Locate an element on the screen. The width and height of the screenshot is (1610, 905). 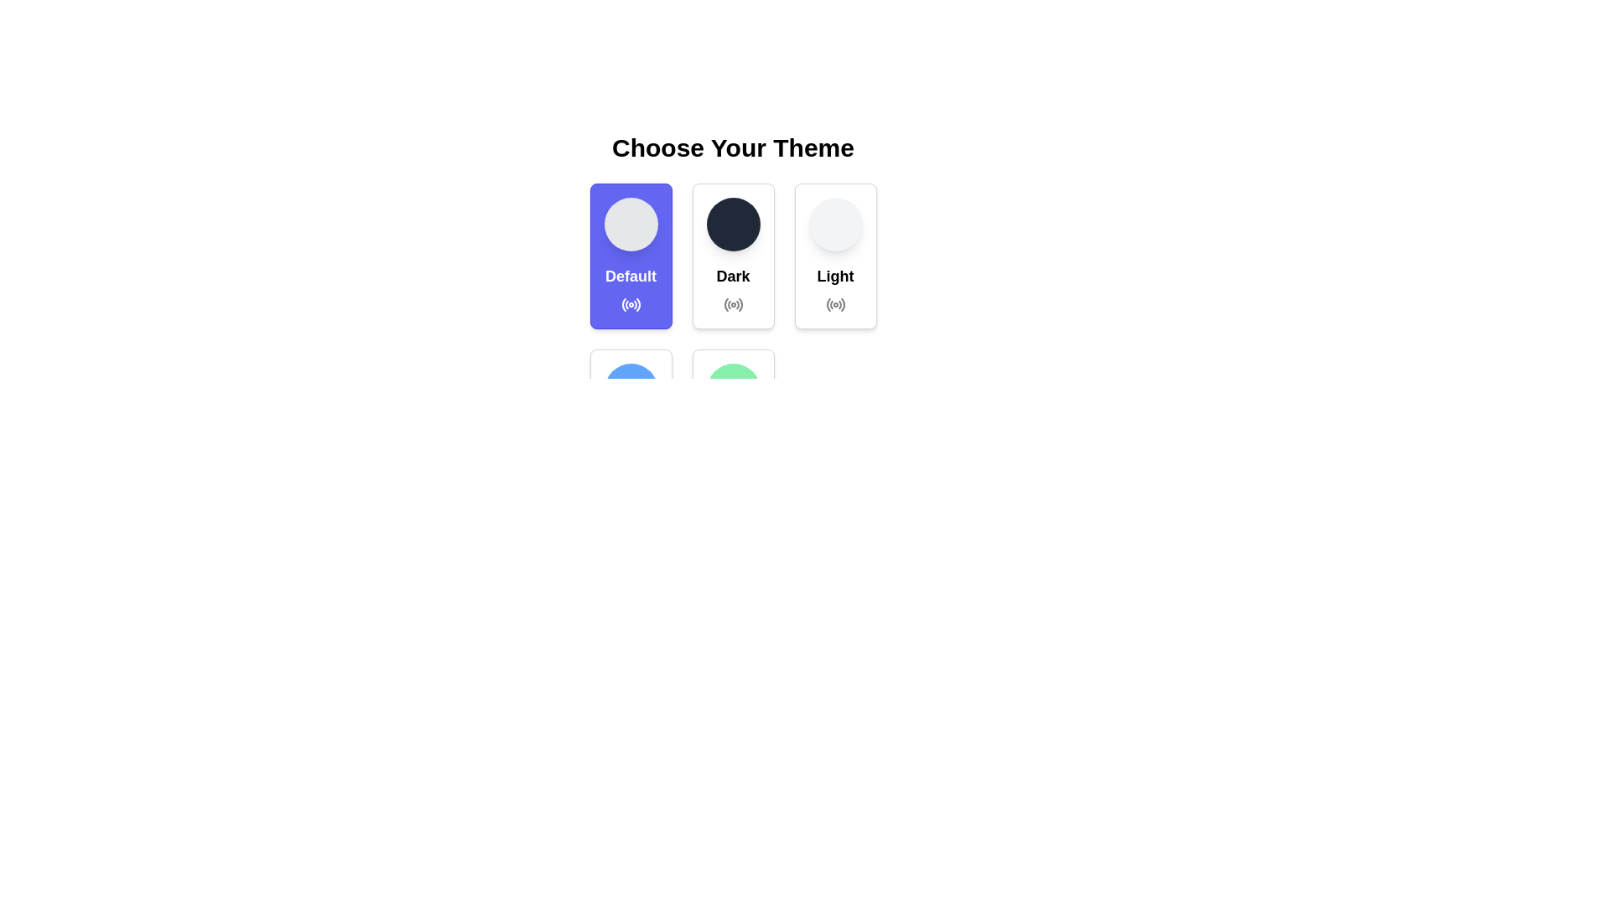
text of the 'Dark' label, which is styled in a bold and larger font within a theme selection card layout, located under a dark circular icon is located at coordinates (733, 276).